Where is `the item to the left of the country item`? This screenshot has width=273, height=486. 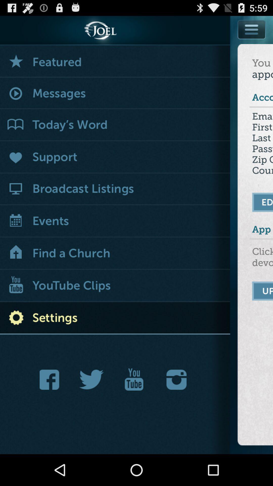
the item to the left of the country item is located at coordinates (115, 189).